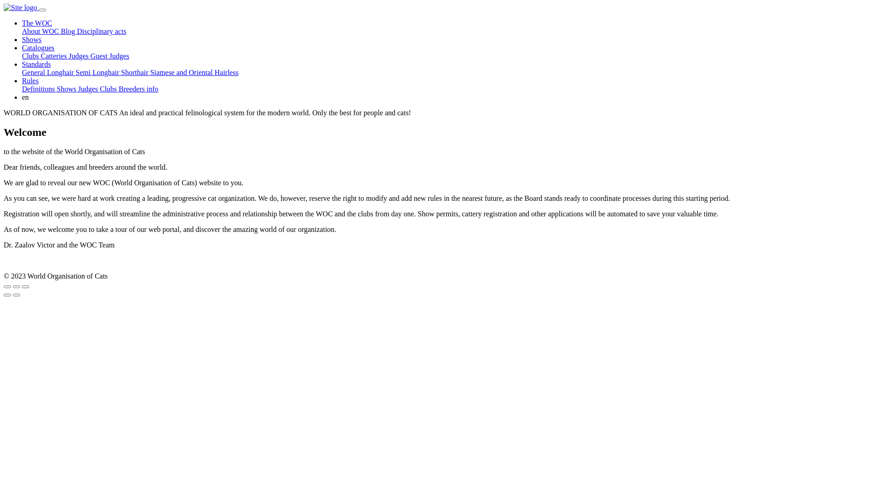 The image size is (878, 494). What do you see at coordinates (22, 89) in the screenshot?
I see `'Definitions'` at bounding box center [22, 89].